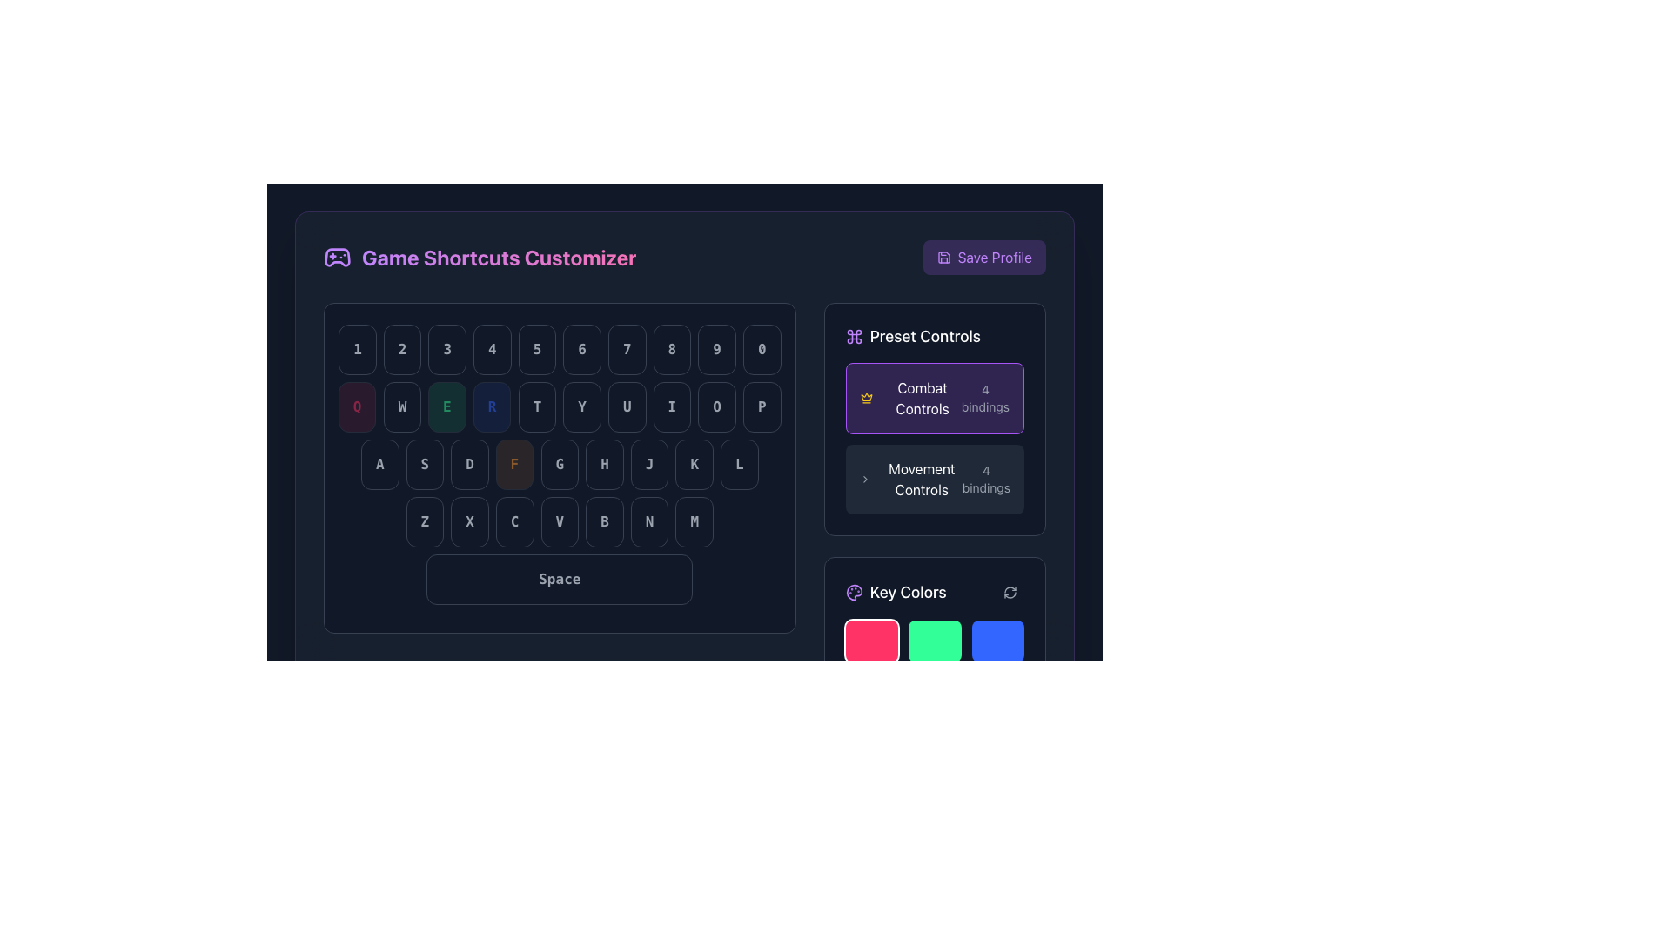 The image size is (1671, 940). Describe the element at coordinates (401, 406) in the screenshot. I see `the button-like UI component displaying the letter 'W', which is styled with a dark background and gray text, located in the second row of the keyboard area beneath the 'Game Shortcuts Customizer' header` at that location.